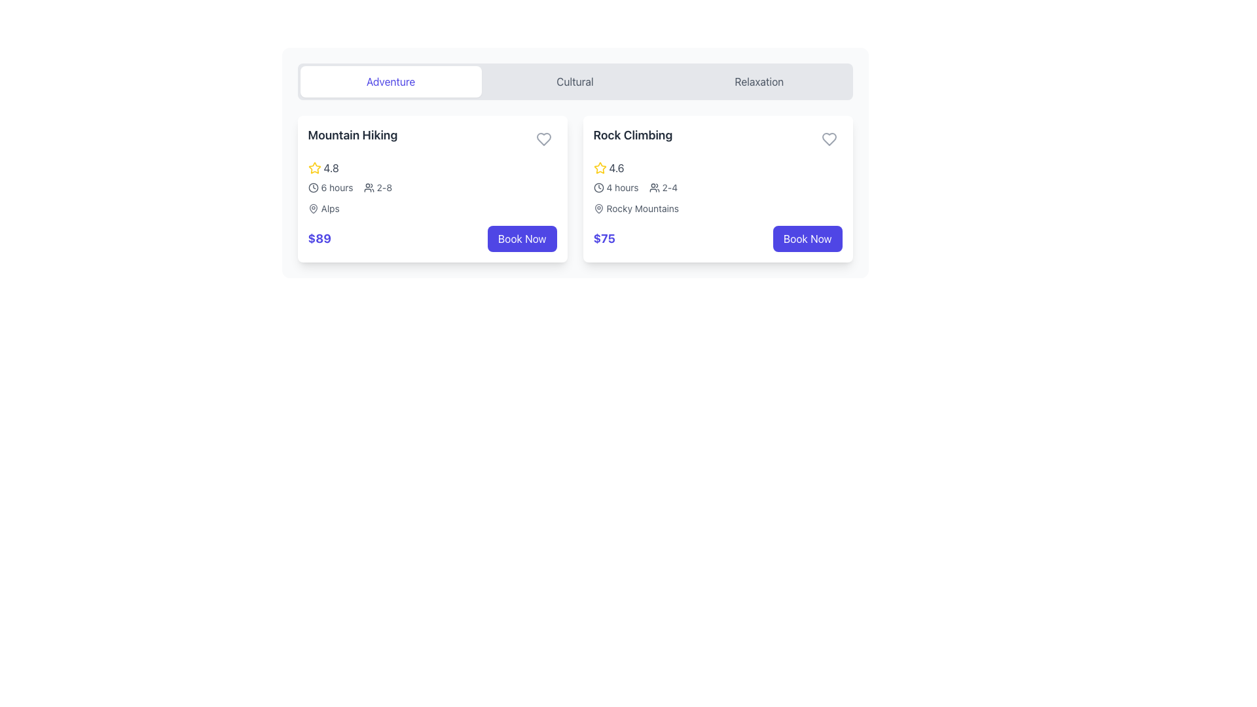  I want to click on the 'Adventure', 'Cultural', or 'Relaxation' segment on the Tab bar, so click(575, 81).